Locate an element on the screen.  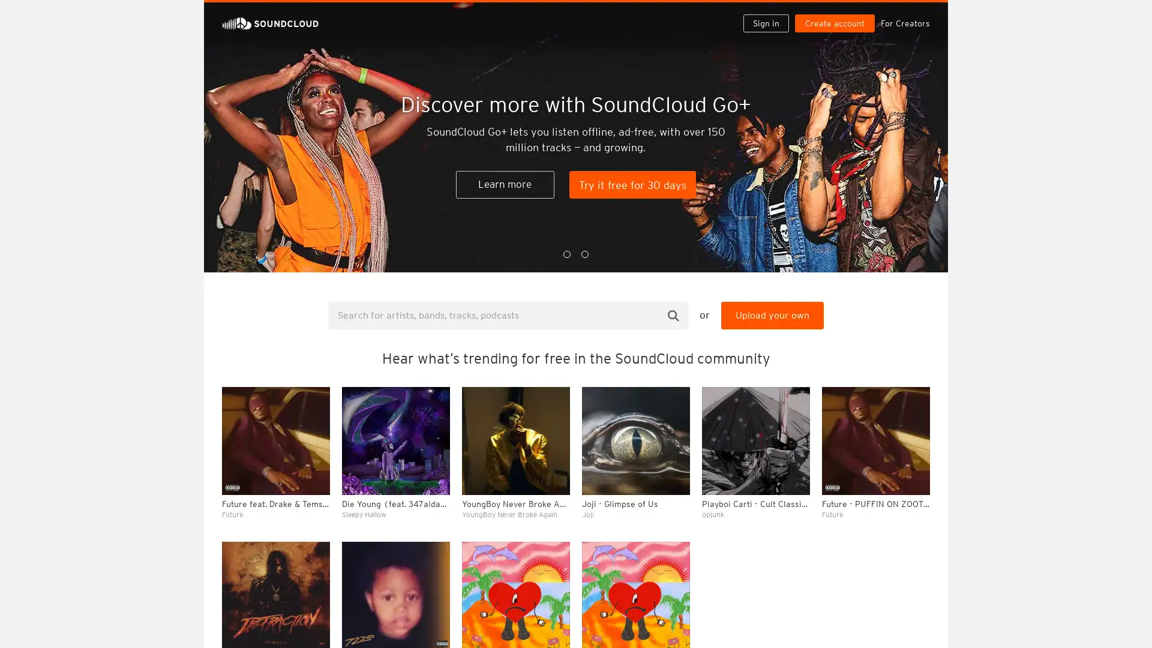
Create a SoundCloud account is located at coordinates (837, 13).